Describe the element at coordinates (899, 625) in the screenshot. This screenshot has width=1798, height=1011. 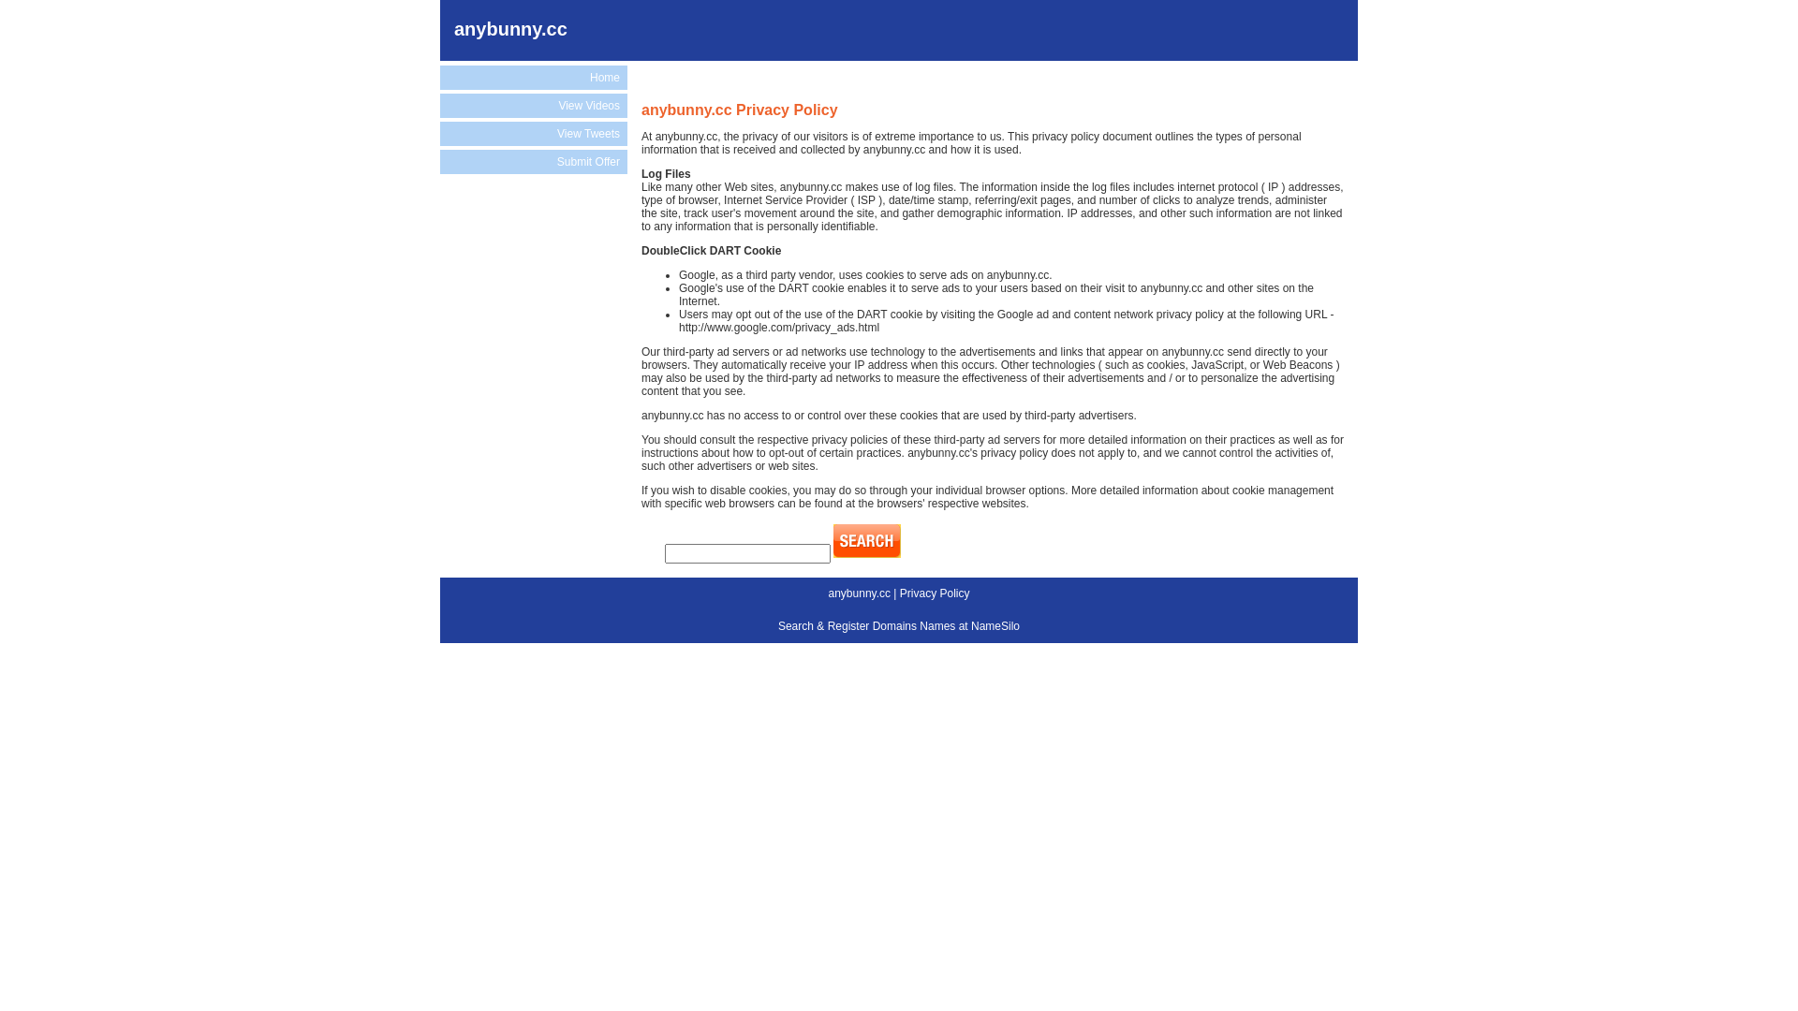
I see `'Search & Register Domains Names at NameSilo'` at that location.